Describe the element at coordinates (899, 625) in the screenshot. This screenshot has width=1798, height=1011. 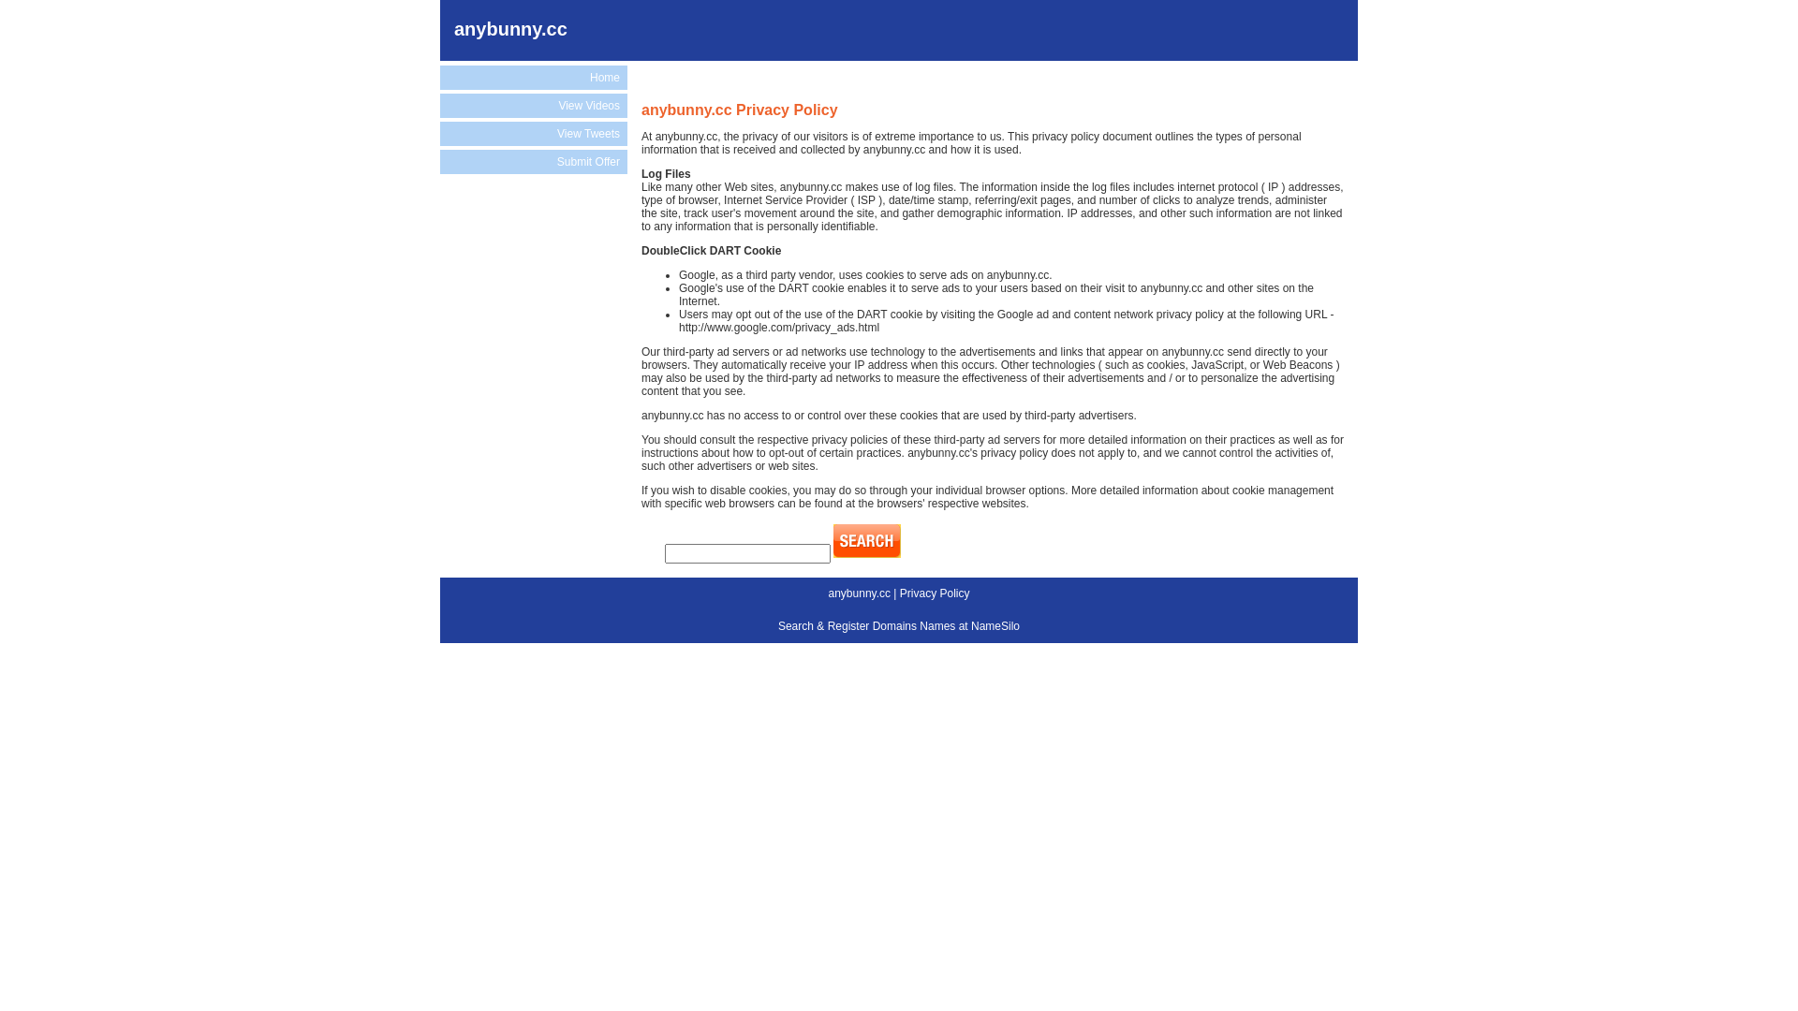
I see `'Search & Register Domains Names at NameSilo'` at that location.